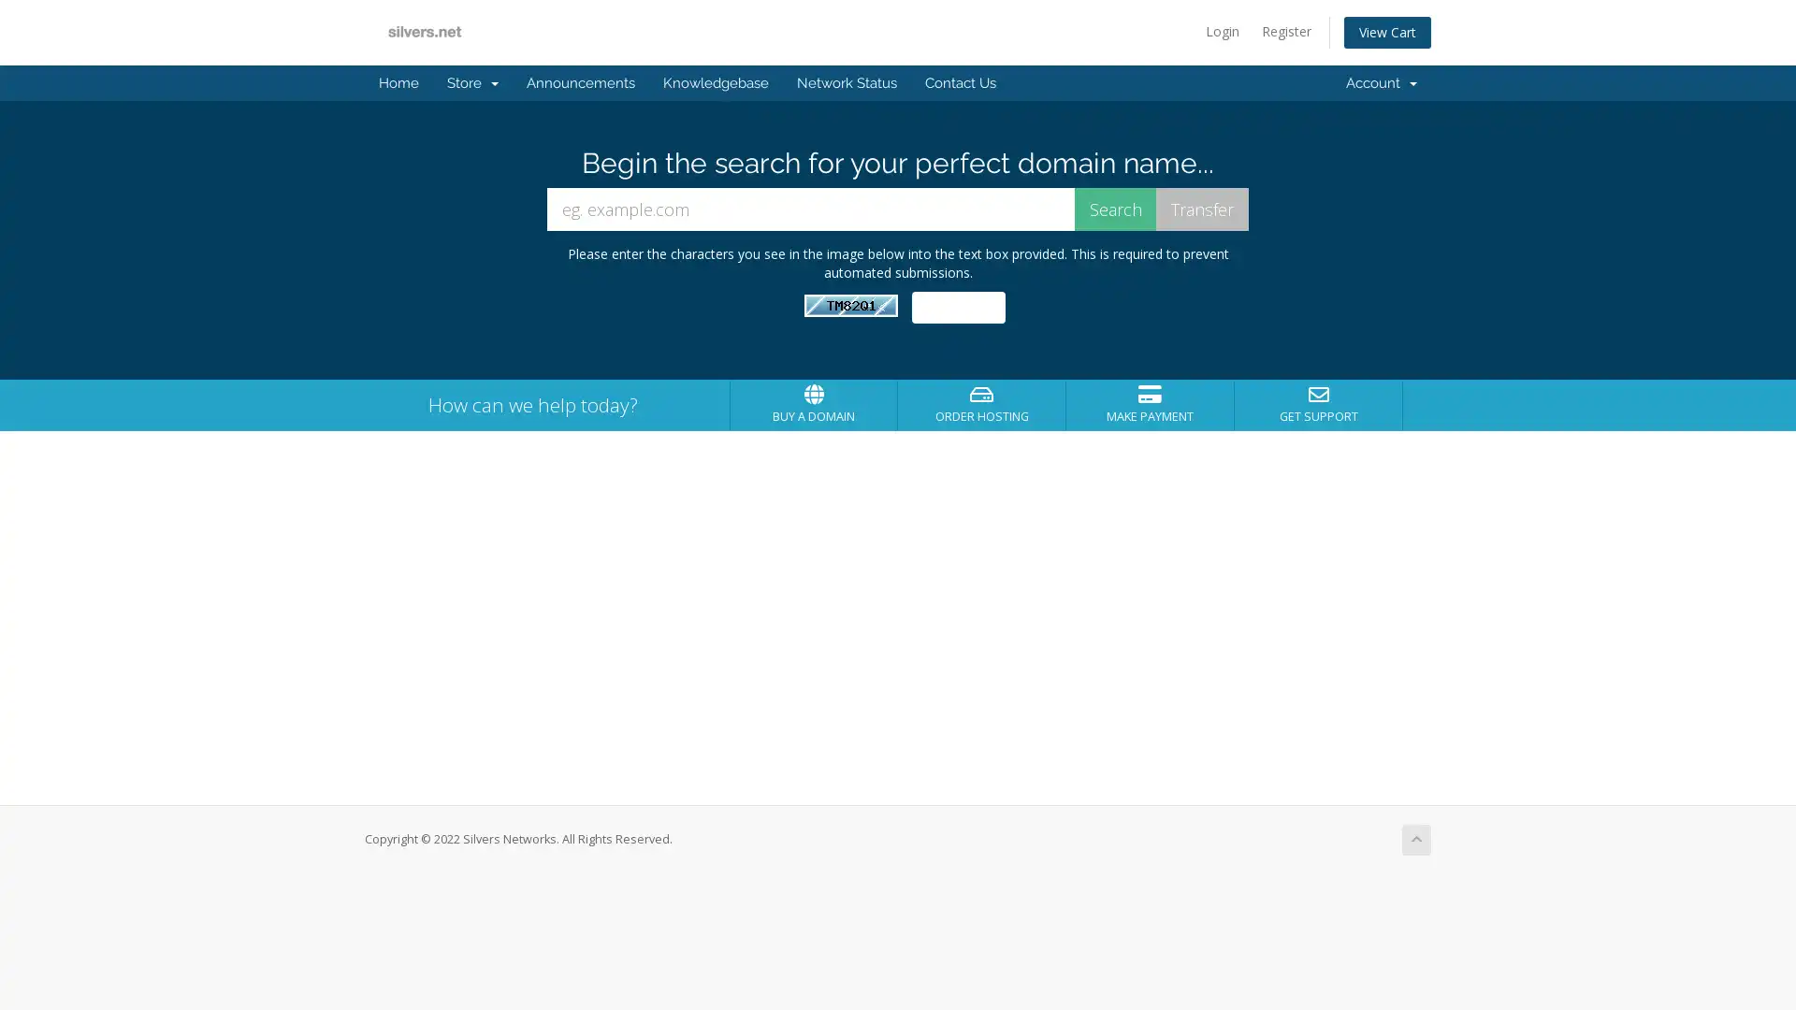  What do you see at coordinates (1202, 209) in the screenshot?
I see `Transfer` at bounding box center [1202, 209].